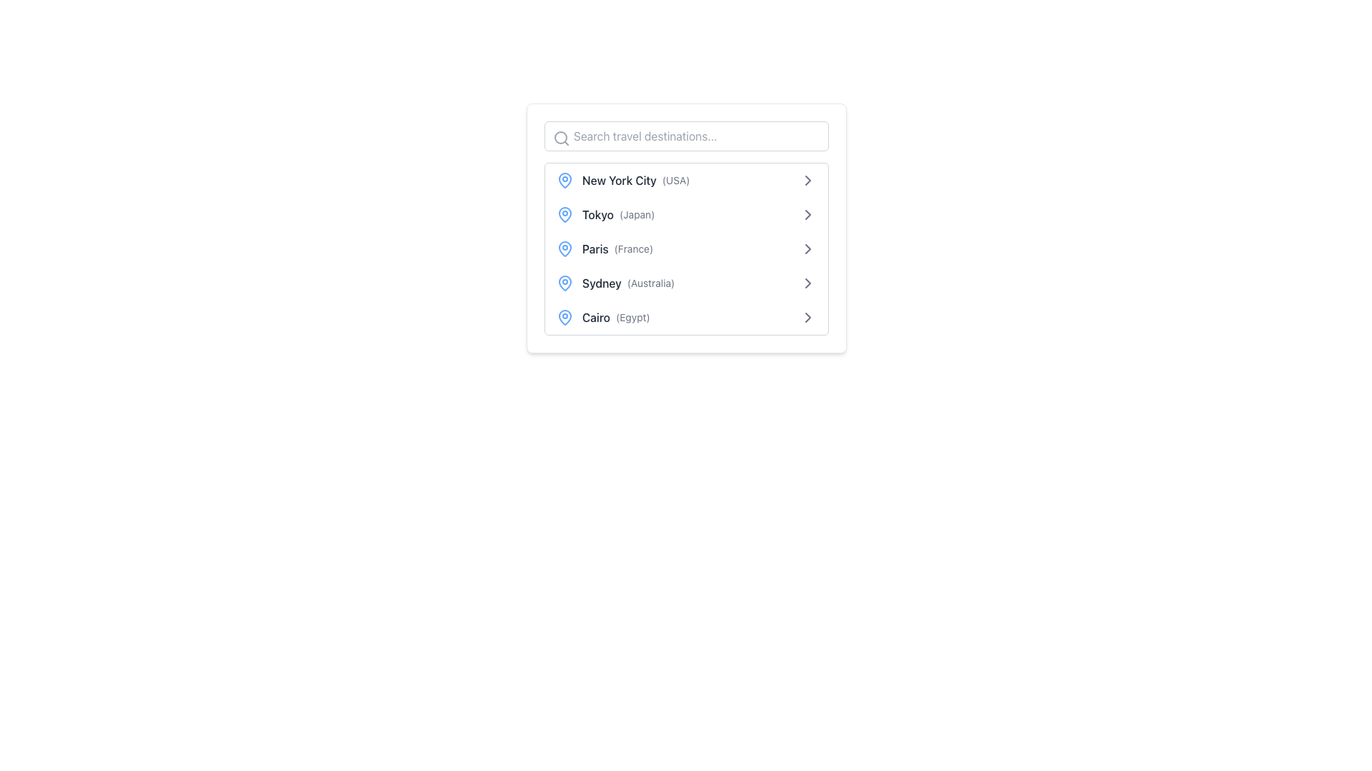 The width and height of the screenshot is (1372, 771). Describe the element at coordinates (808, 180) in the screenshot. I see `the navigation icon located at the far-right side of the 'New York City (USA)' list item` at that location.